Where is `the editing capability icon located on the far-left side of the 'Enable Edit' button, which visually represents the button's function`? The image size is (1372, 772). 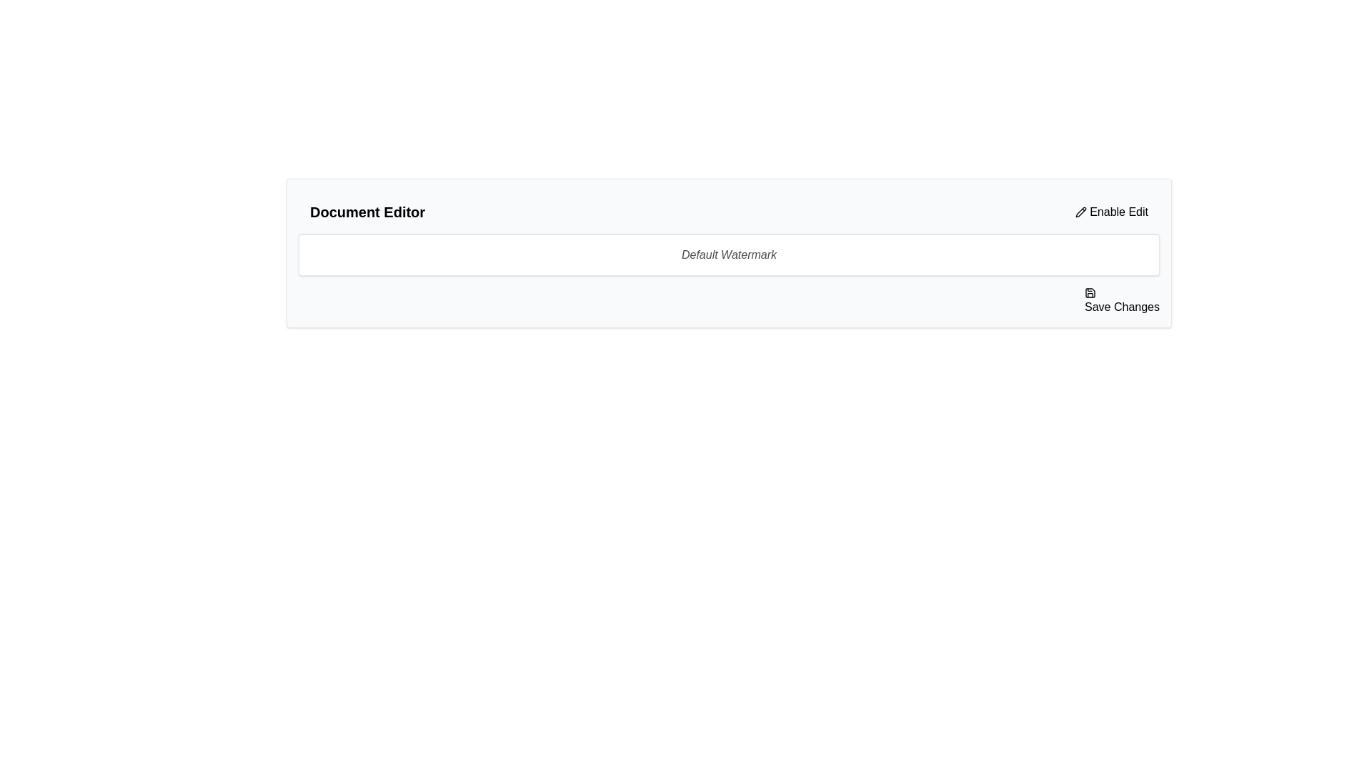
the editing capability icon located on the far-left side of the 'Enable Edit' button, which visually represents the button's function is located at coordinates (1081, 212).